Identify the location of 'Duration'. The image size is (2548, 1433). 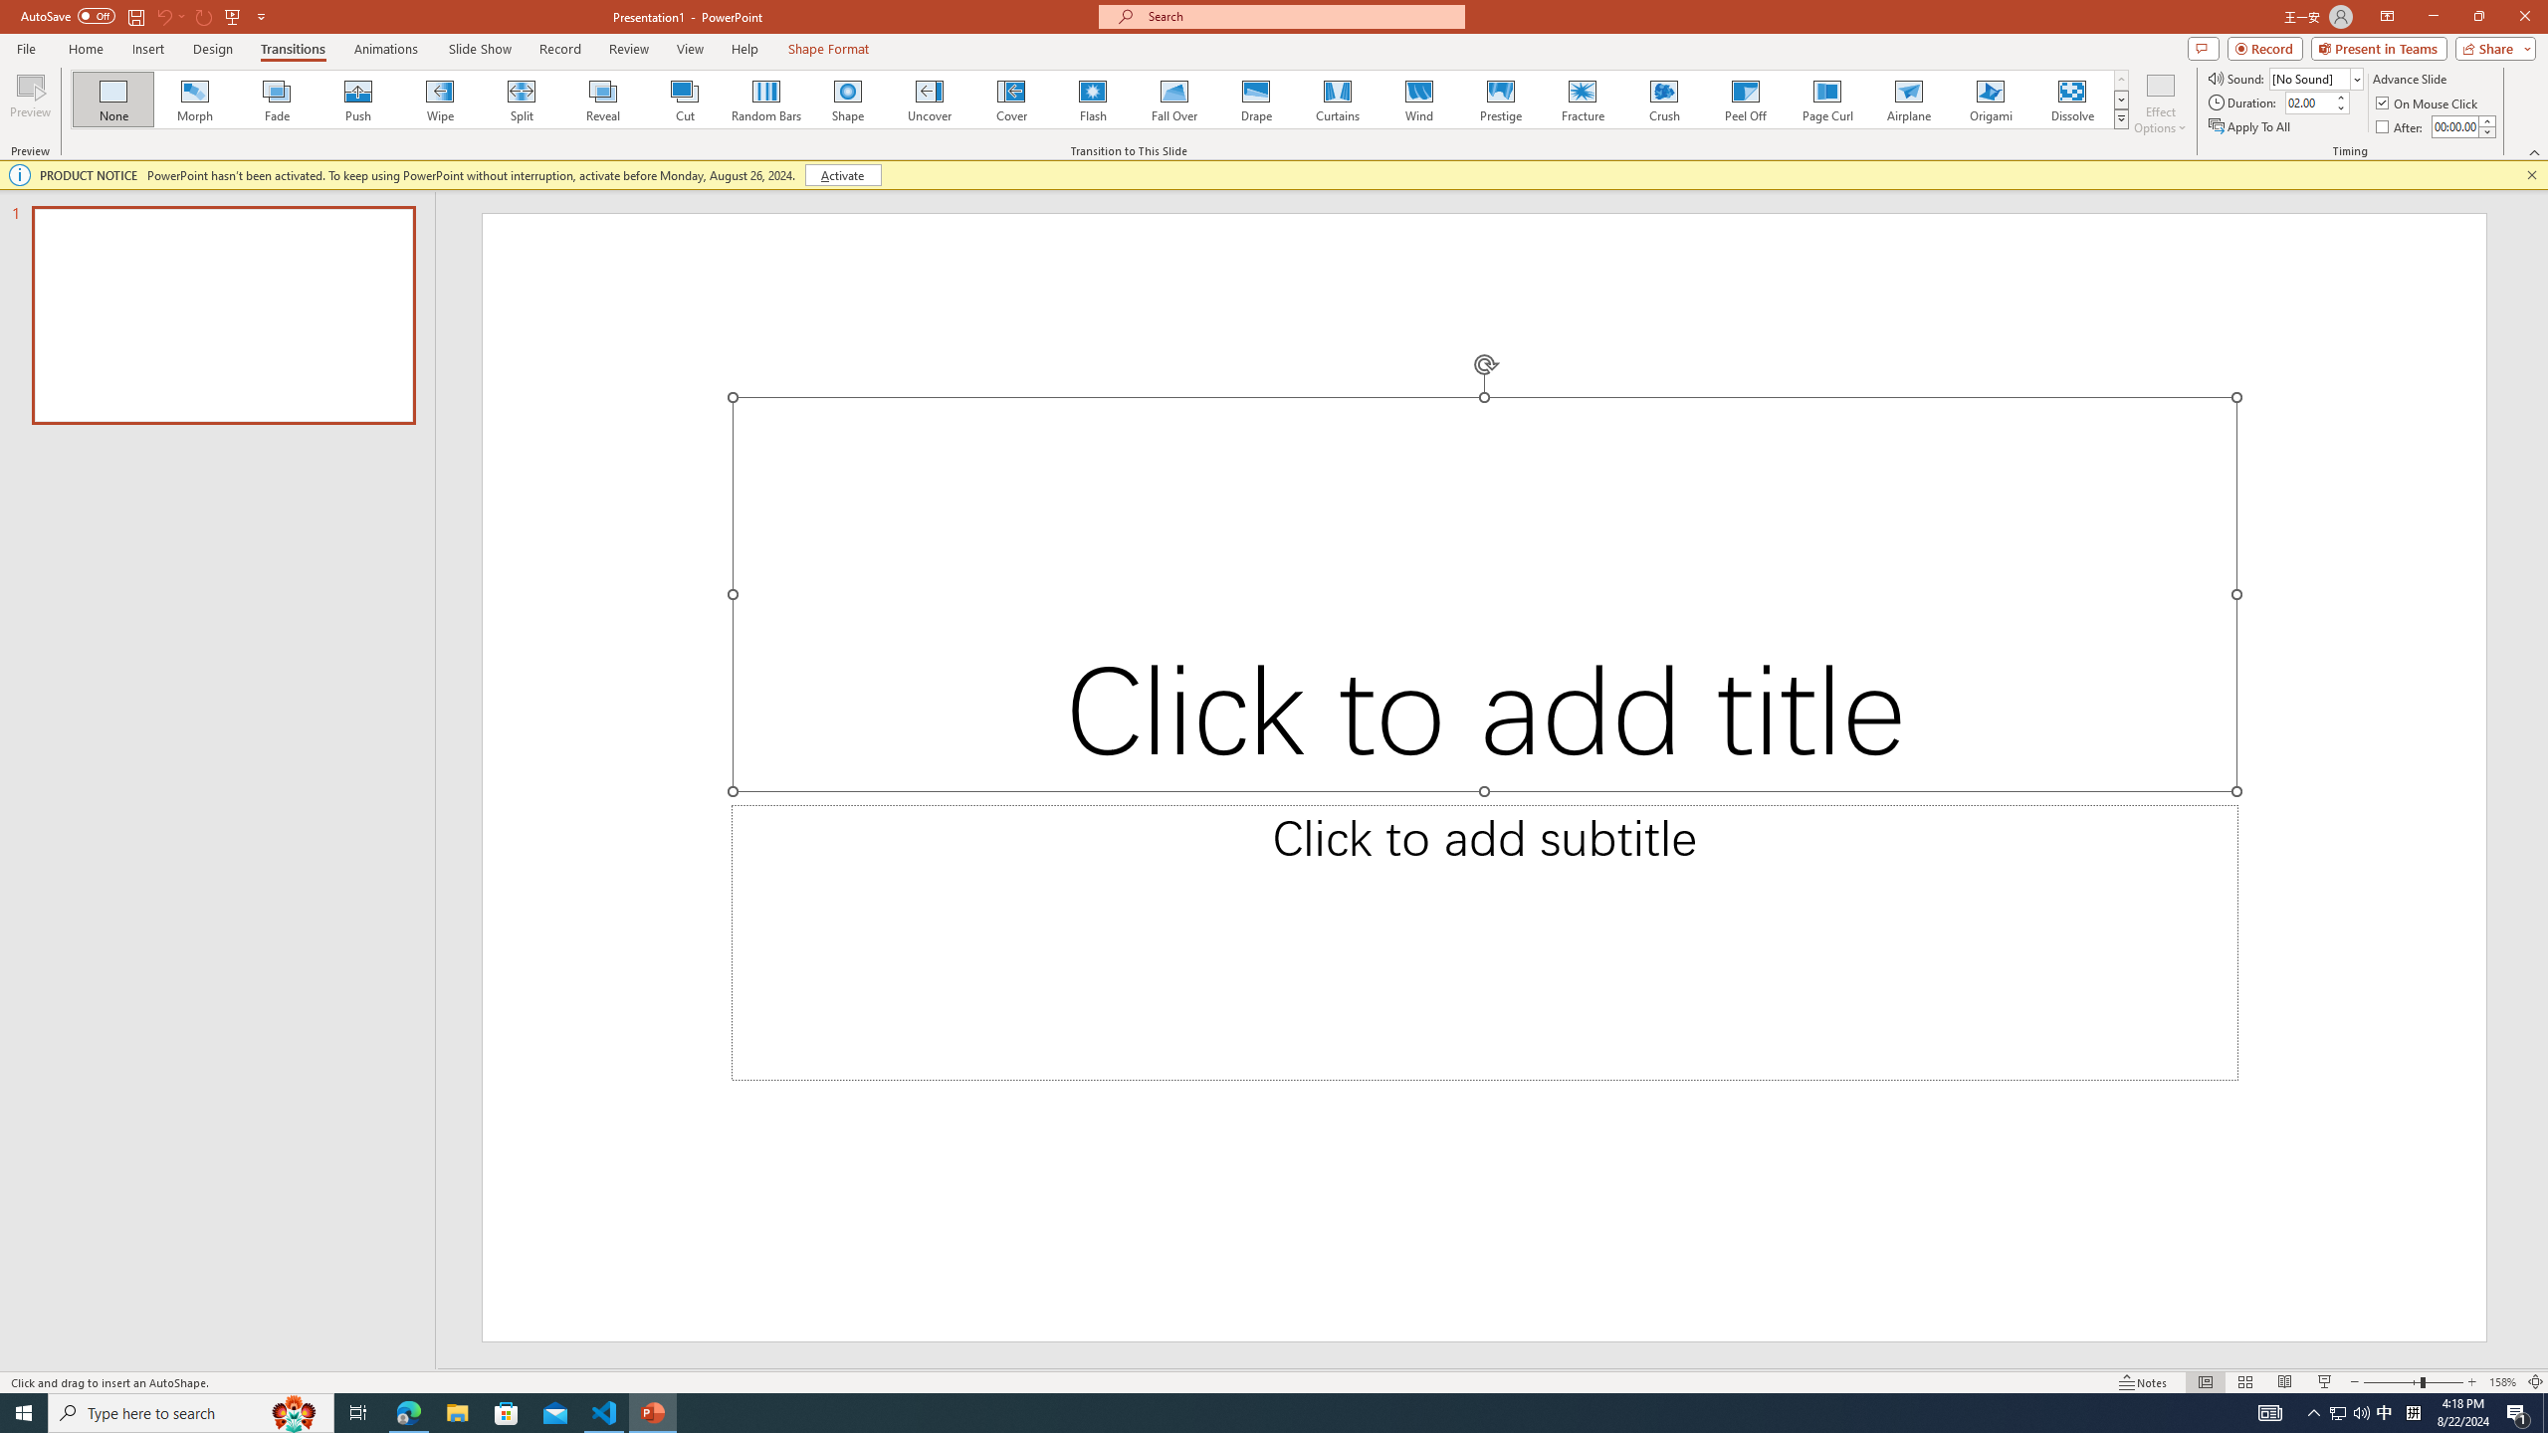
(2308, 102).